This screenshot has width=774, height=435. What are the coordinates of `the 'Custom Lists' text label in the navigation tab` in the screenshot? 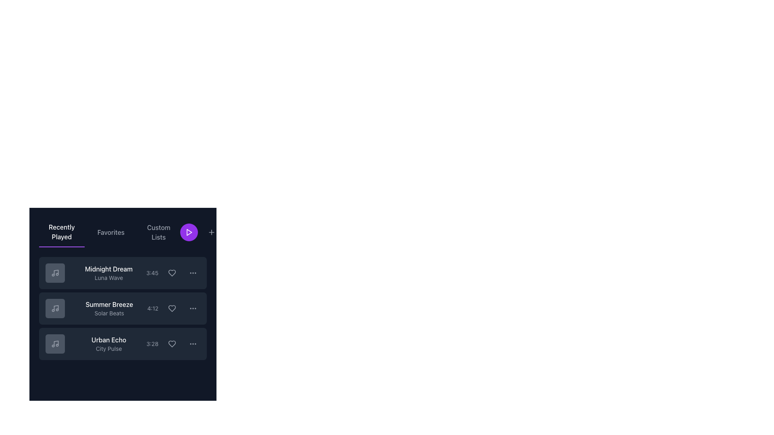 It's located at (158, 232).